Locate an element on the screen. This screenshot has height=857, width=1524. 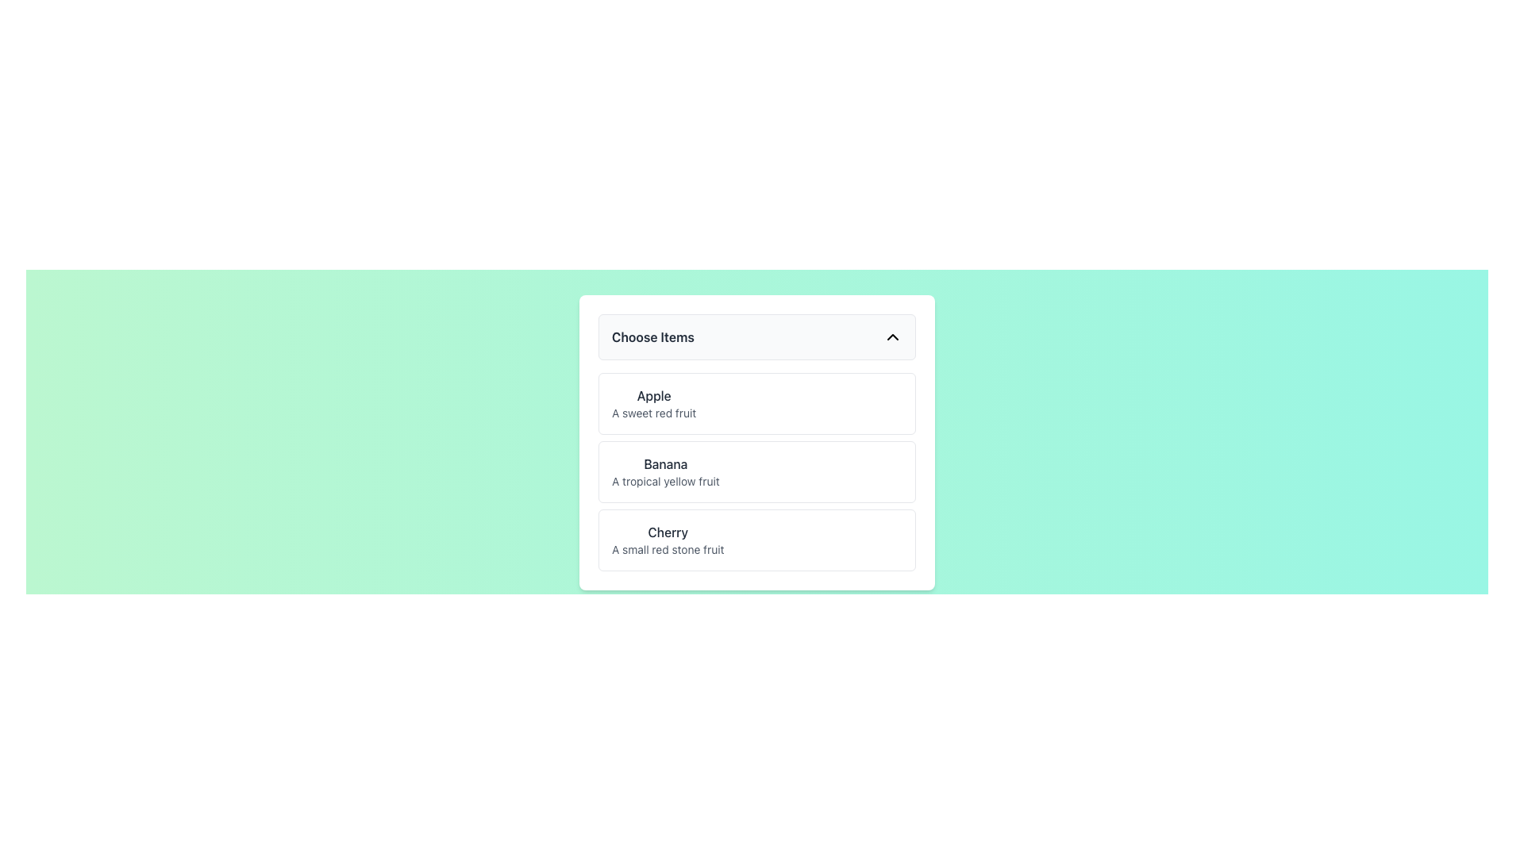
the chevron toggle icon located at the extreme right of the 'Choose Items.' box is located at coordinates (892, 336).